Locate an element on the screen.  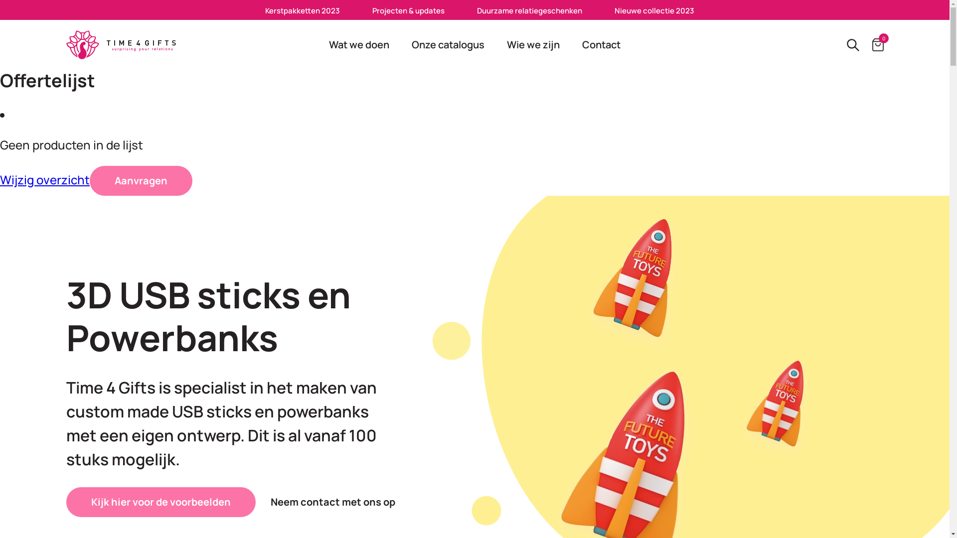
'Contact' is located at coordinates (601, 44).